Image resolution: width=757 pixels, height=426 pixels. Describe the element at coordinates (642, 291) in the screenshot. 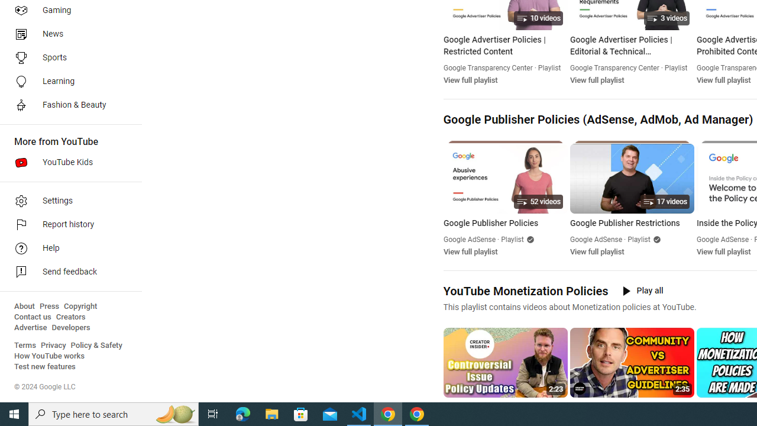

I see `'Play all'` at that location.